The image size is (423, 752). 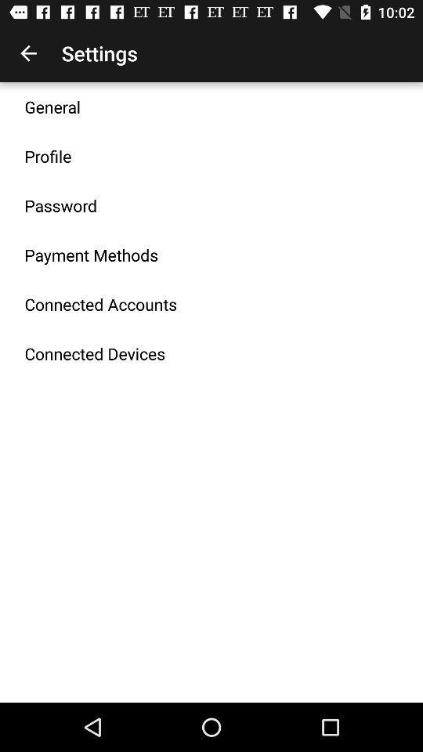 What do you see at coordinates (91, 255) in the screenshot?
I see `payment methods icon` at bounding box center [91, 255].